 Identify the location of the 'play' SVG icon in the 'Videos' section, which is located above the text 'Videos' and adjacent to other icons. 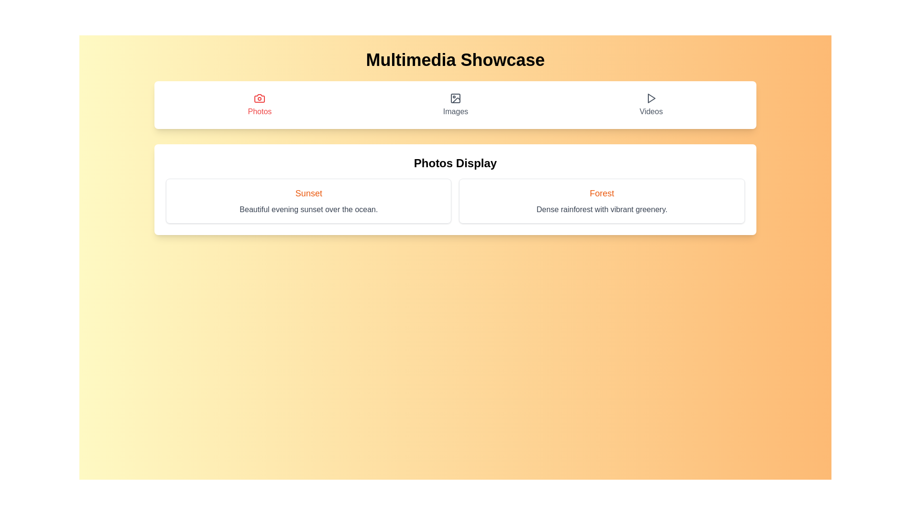
(651, 98).